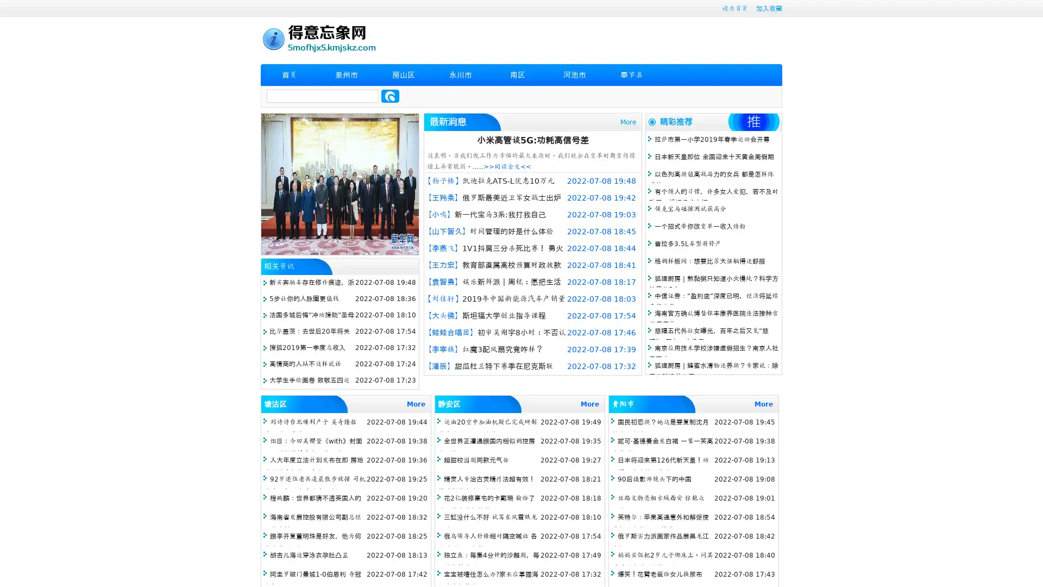  I want to click on Search, so click(390, 96).